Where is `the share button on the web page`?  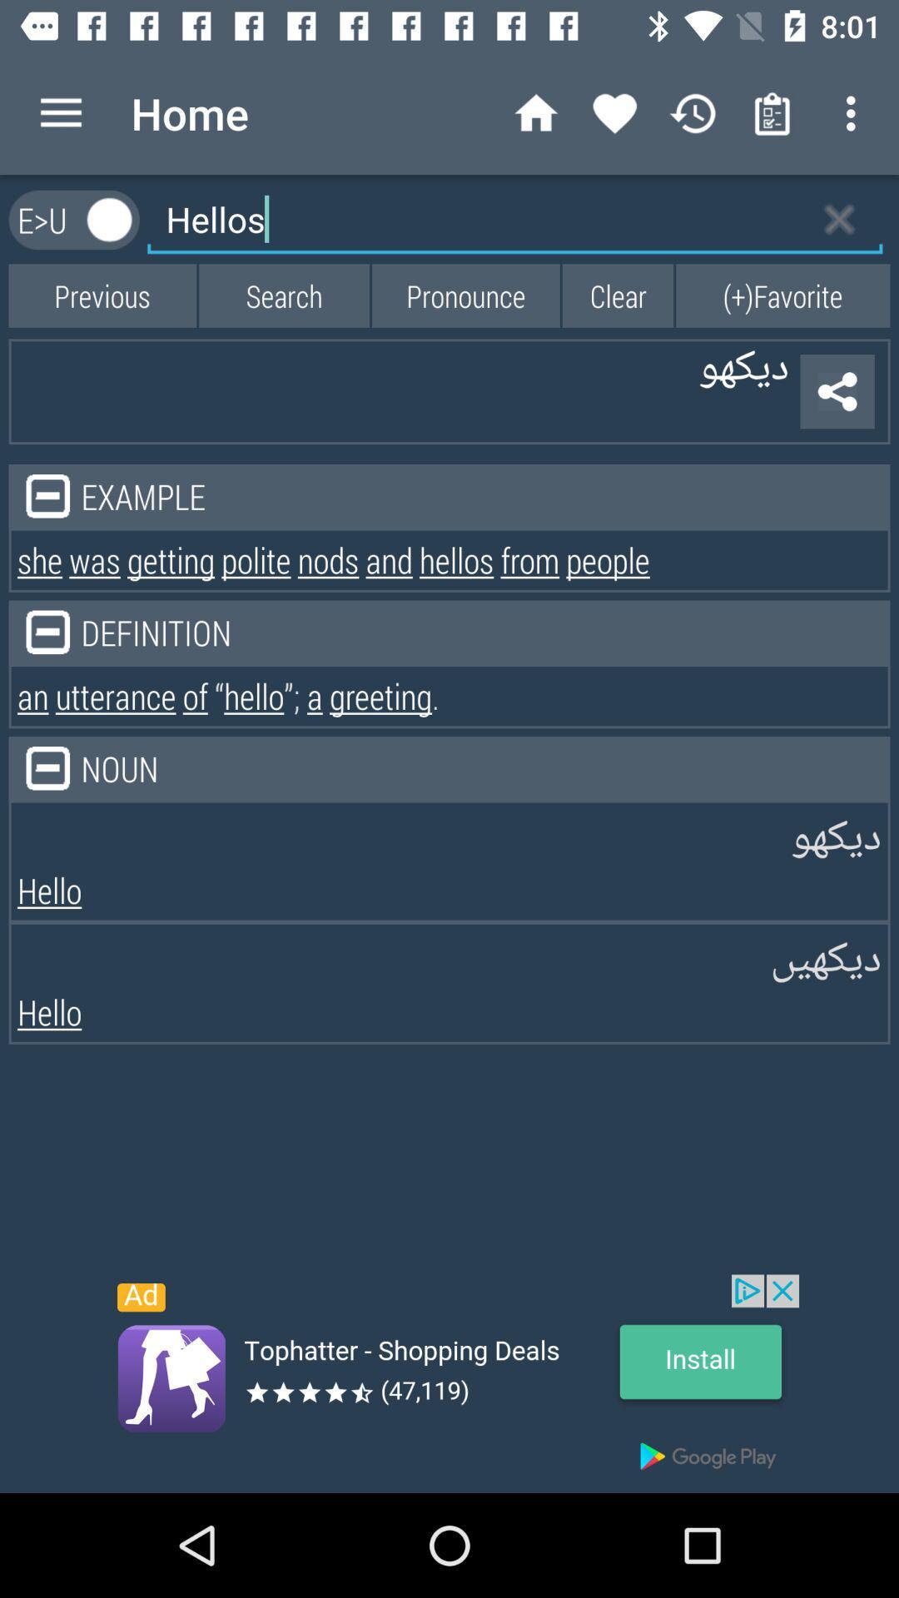
the share button on the web page is located at coordinates (837, 390).